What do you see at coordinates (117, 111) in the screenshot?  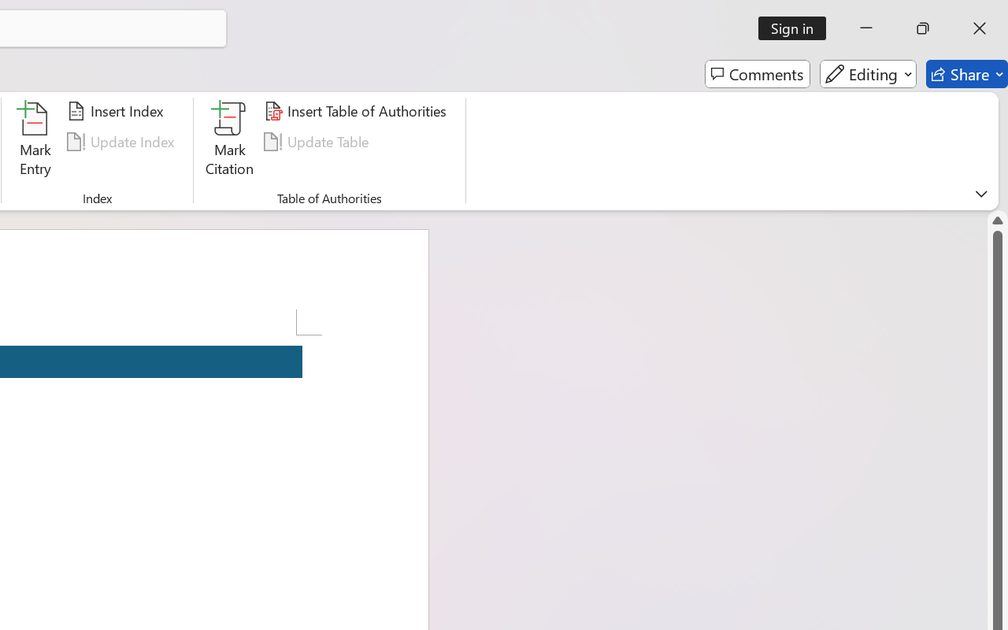 I see `'Insert Index...'` at bounding box center [117, 111].